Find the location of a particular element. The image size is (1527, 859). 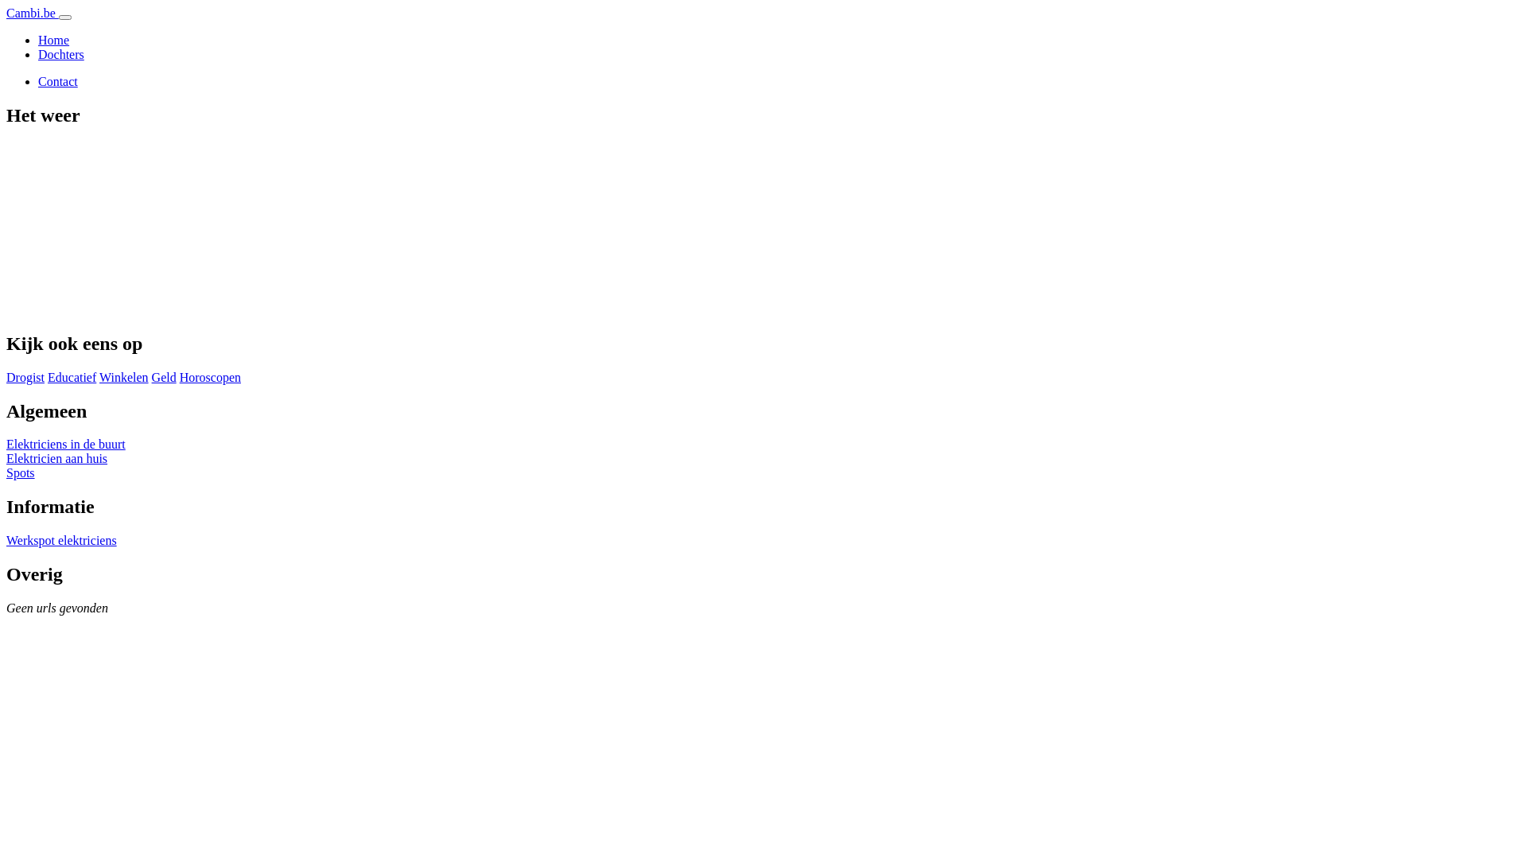

'Drogist' is located at coordinates (25, 377).